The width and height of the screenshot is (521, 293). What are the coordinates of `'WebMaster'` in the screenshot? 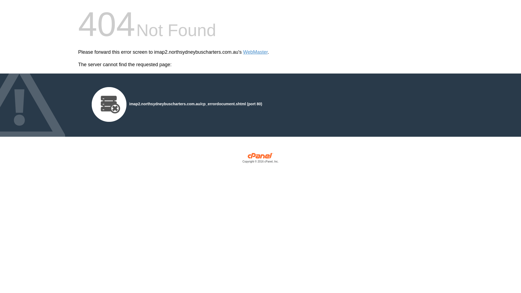 It's located at (243, 52).